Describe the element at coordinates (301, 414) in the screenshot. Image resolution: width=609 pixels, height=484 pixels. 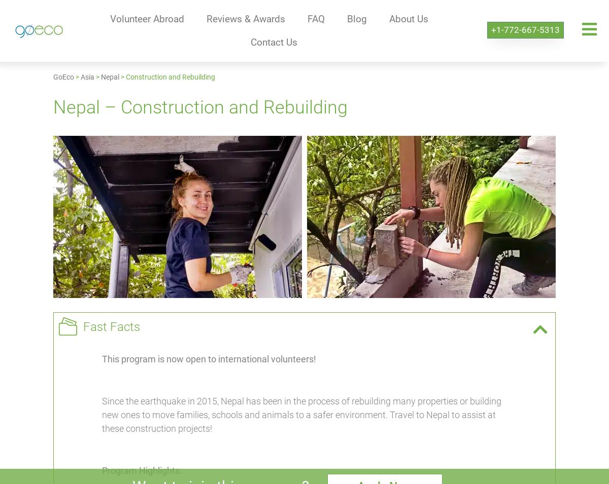
I see `'Since the earthquake in 2015, Nepal has been in the process of rebuilding many properties or building new ones to move families, schools and animals to a safer environment. Travel to Nepal to assist at these construction projects!'` at that location.